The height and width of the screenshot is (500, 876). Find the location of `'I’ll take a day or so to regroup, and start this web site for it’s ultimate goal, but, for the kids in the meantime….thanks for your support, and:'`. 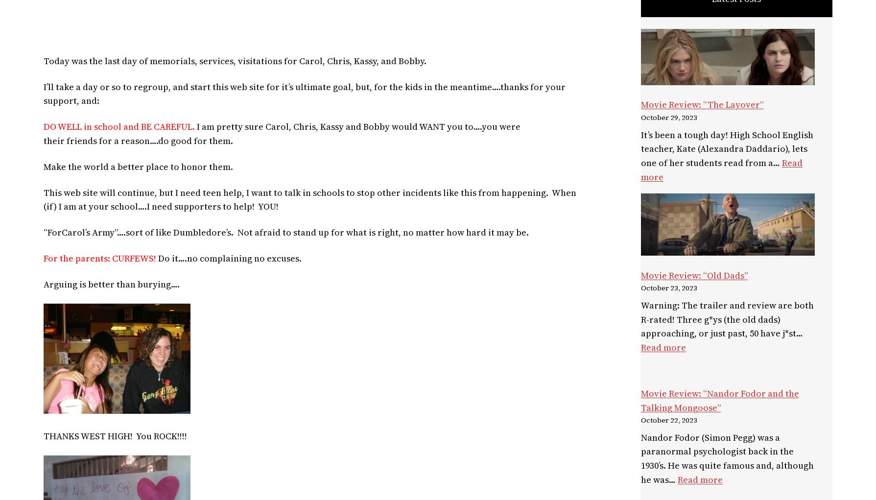

'I’ll take a day or so to regroup, and start this web site for it’s ultimate goal, but, for the kids in the meantime….thanks for your support, and:' is located at coordinates (43, 93).